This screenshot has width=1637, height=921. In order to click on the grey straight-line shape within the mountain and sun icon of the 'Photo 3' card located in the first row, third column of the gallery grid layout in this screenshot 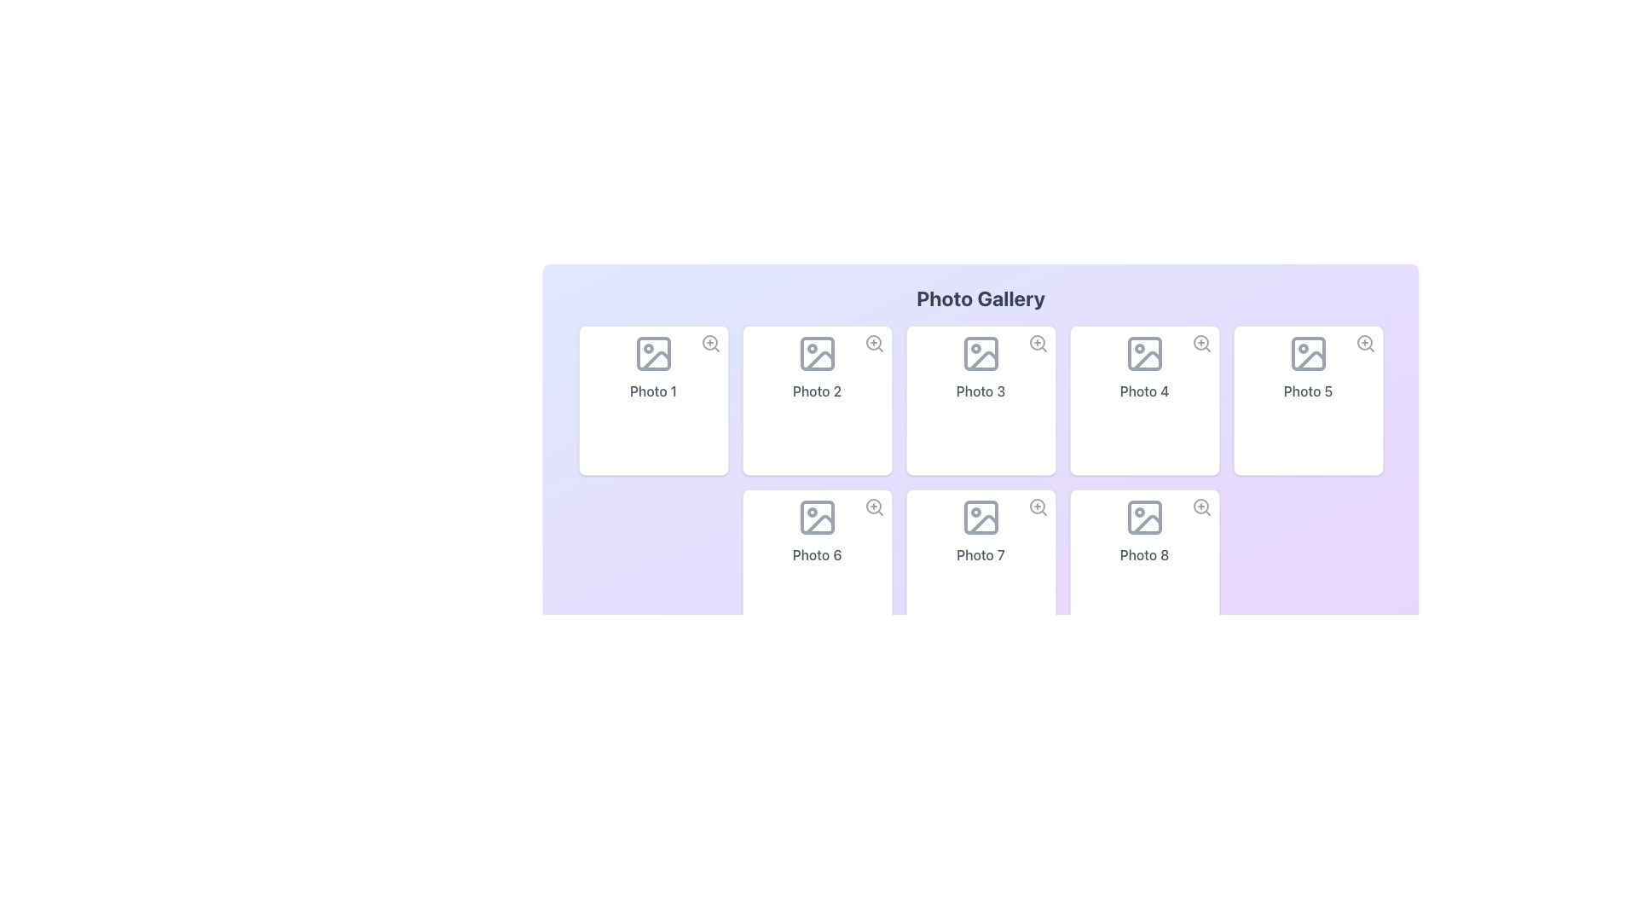, I will do `click(983, 360)`.